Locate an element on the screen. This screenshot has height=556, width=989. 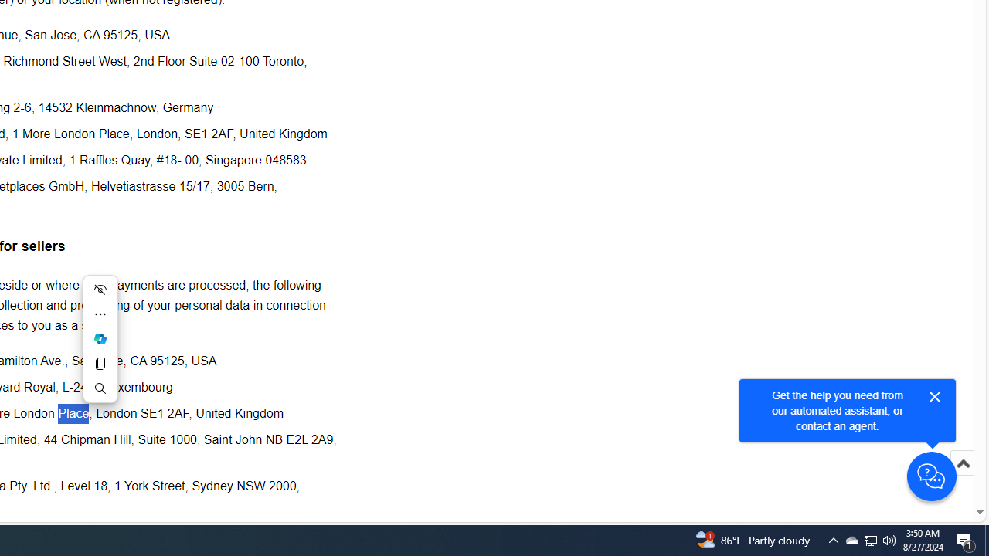
'More actions' is located at coordinates (99, 314).